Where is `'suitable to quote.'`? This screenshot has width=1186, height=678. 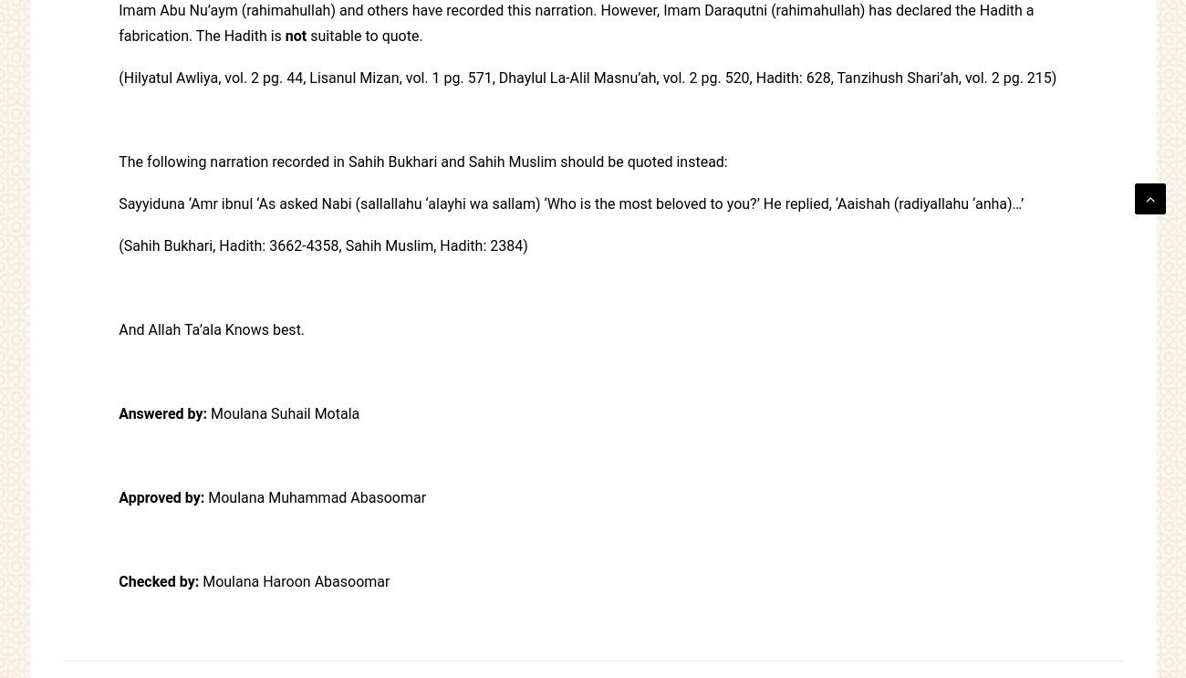
'suitable to quote.' is located at coordinates (364, 36).